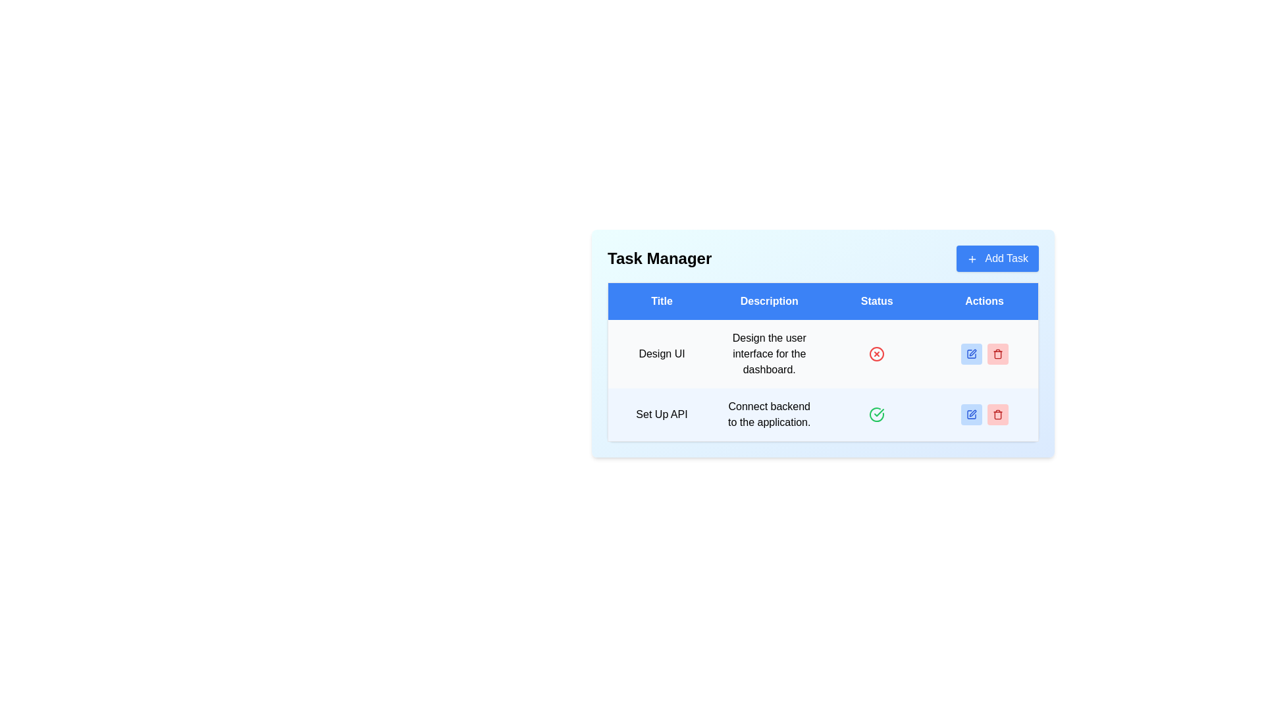 The width and height of the screenshot is (1264, 711). What do you see at coordinates (877, 353) in the screenshot?
I see `the status icon in the first row of the task table that indicates the task 'Design UI' is incomplete or has a negative outcome` at bounding box center [877, 353].